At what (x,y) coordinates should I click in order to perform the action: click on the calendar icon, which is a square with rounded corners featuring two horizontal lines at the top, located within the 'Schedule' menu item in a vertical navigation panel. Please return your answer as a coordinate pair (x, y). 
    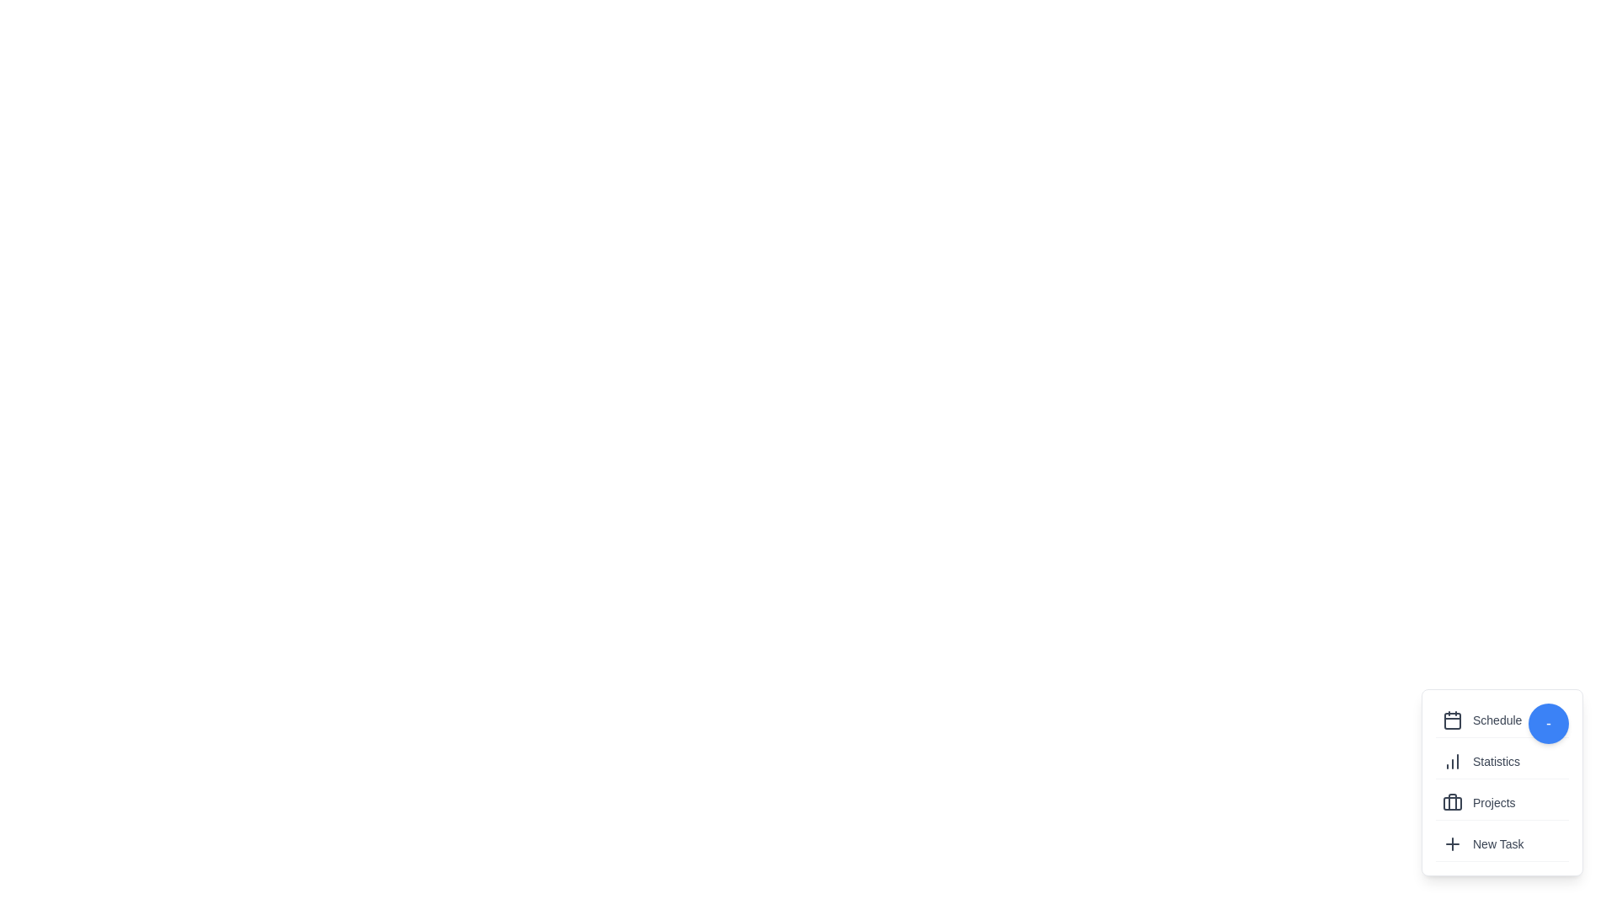
    Looking at the image, I should click on (1451, 720).